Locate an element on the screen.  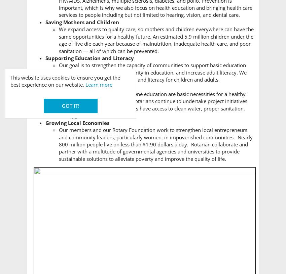
'This website uses cookies to ensure you get the best experience on our website.' is located at coordinates (65, 80).